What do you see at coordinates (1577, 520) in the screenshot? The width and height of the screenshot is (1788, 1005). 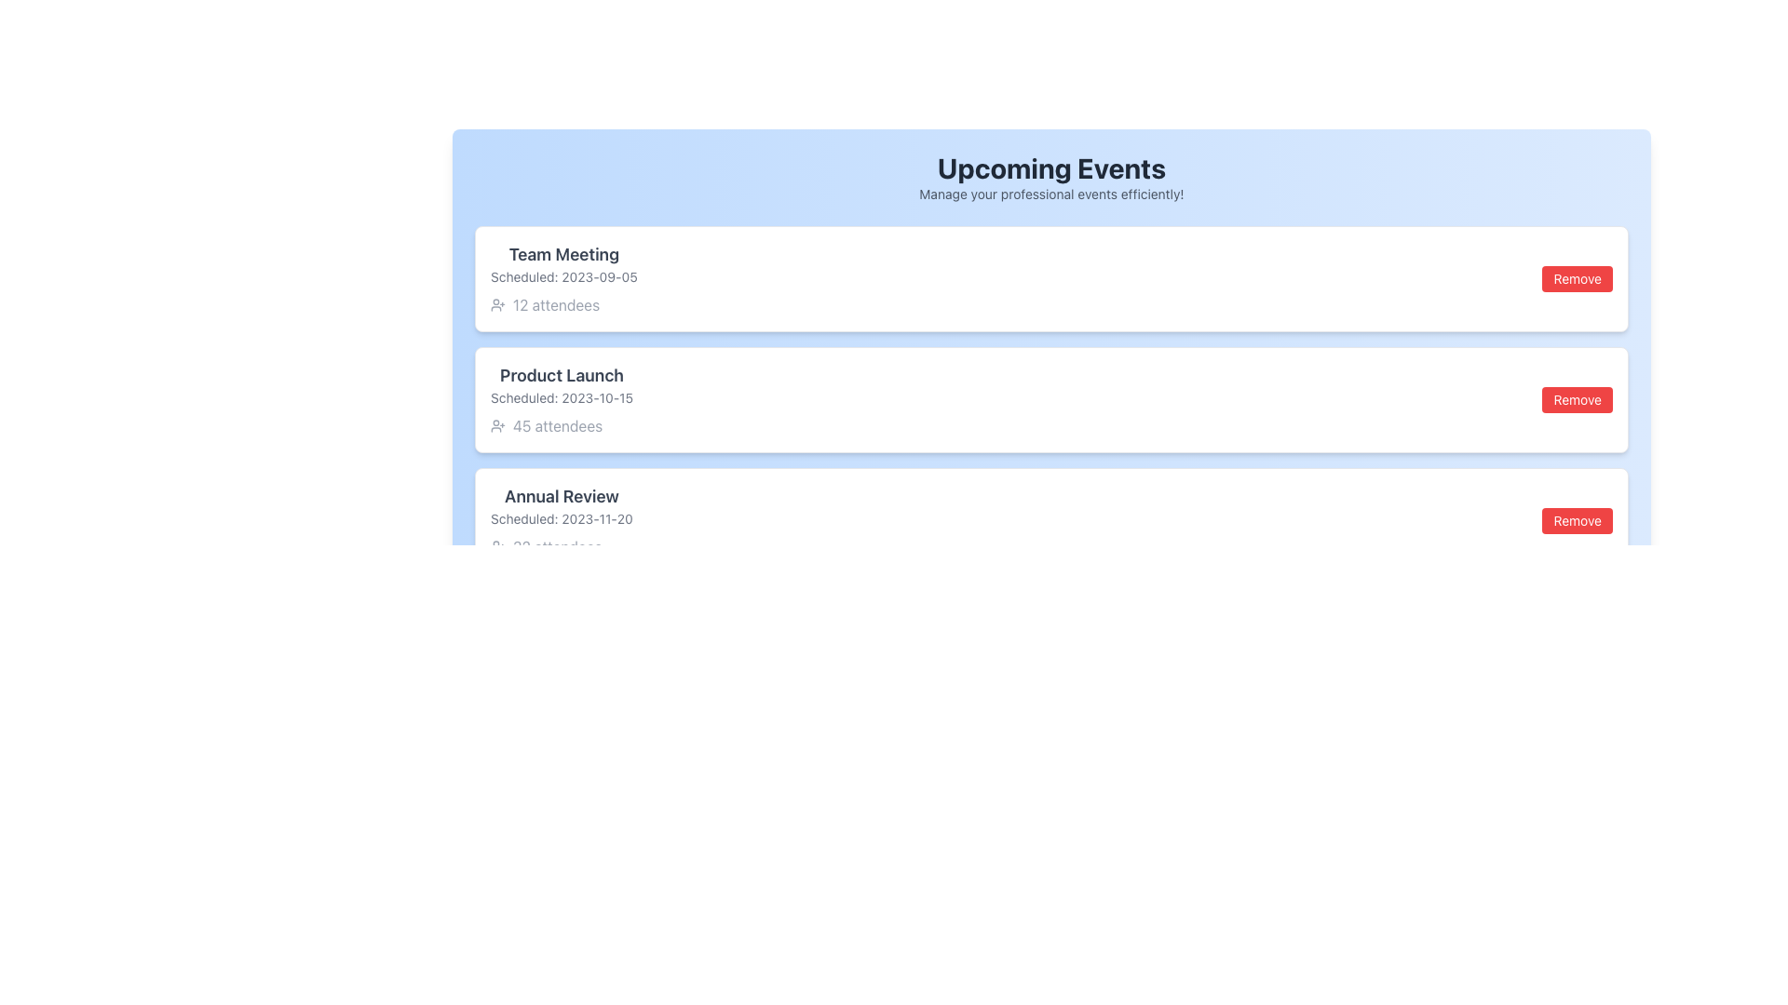 I see `the delete button located at the far-right side of the 'Annual Review Scheduled: 2023-11-20' section` at bounding box center [1577, 520].